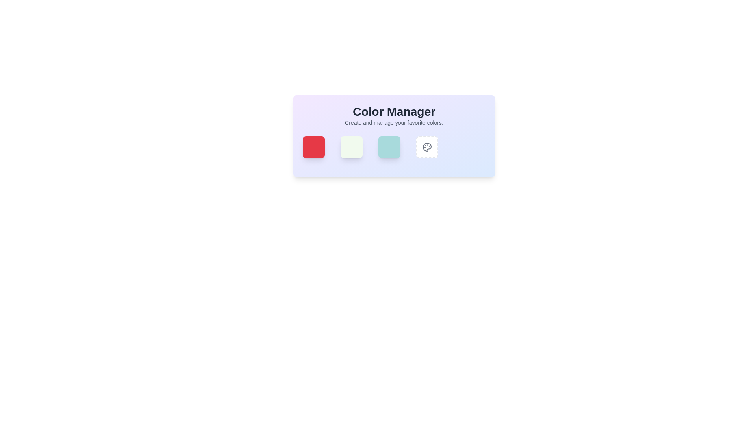  Describe the element at coordinates (394, 147) in the screenshot. I see `the third selectable color button in the Color Manager` at that location.